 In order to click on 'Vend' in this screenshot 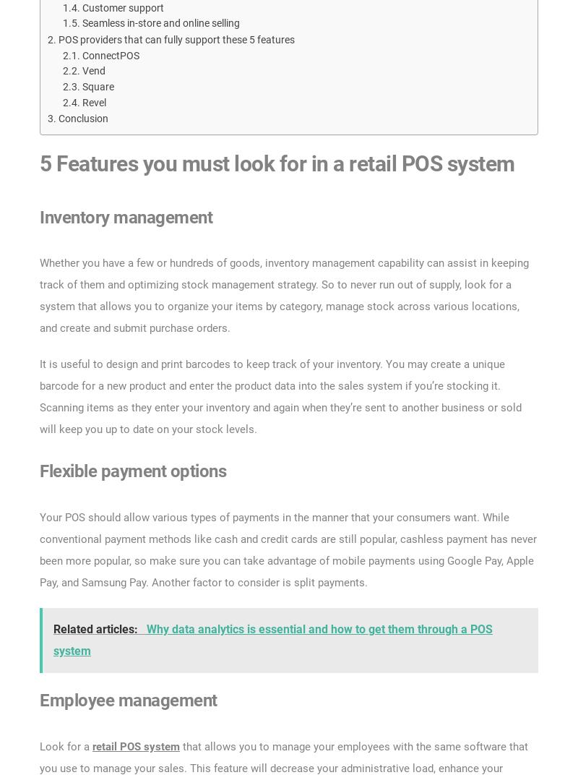, I will do `click(93, 70)`.